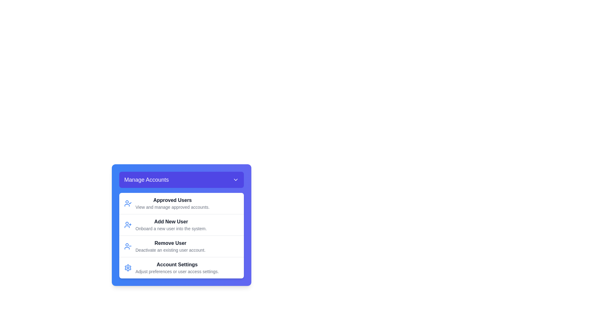 This screenshot has width=598, height=336. I want to click on the 'Account Settings' menu item, which is the fourth item in the vertical list, featuring a bold label and a settings gear icon, so click(181, 267).